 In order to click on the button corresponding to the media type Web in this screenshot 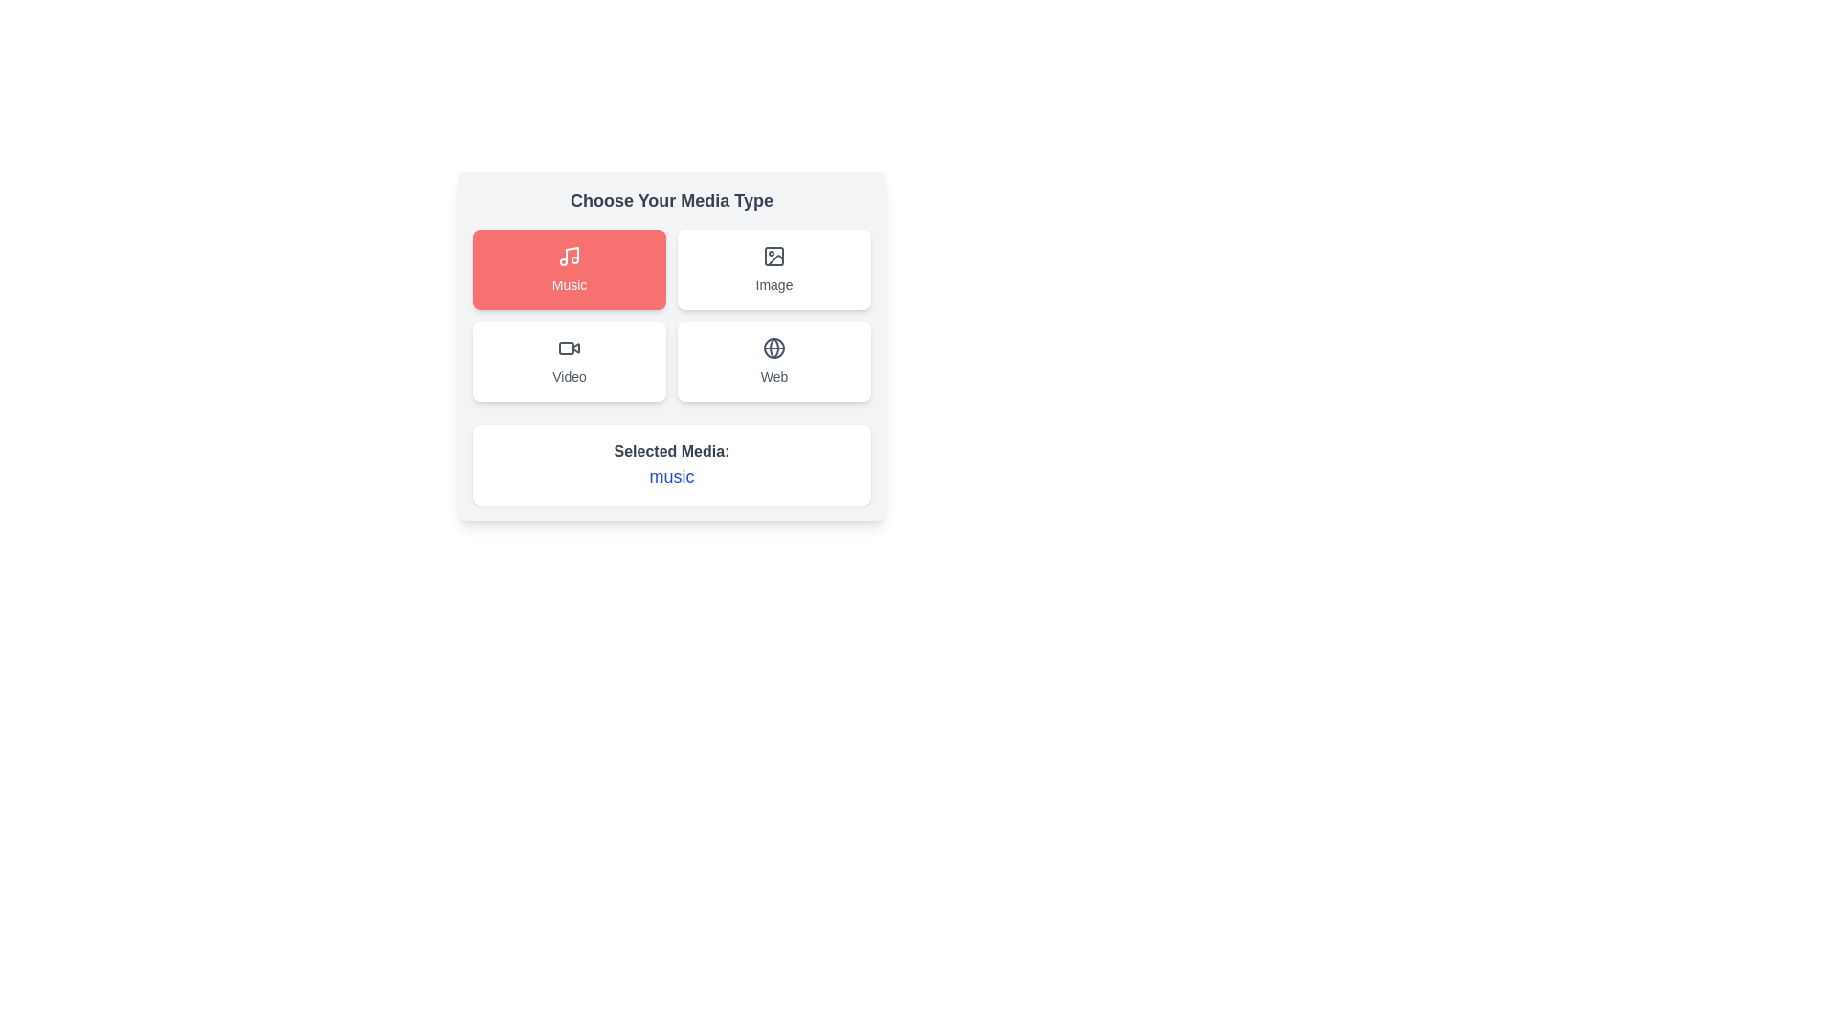, I will do `click(774, 362)`.